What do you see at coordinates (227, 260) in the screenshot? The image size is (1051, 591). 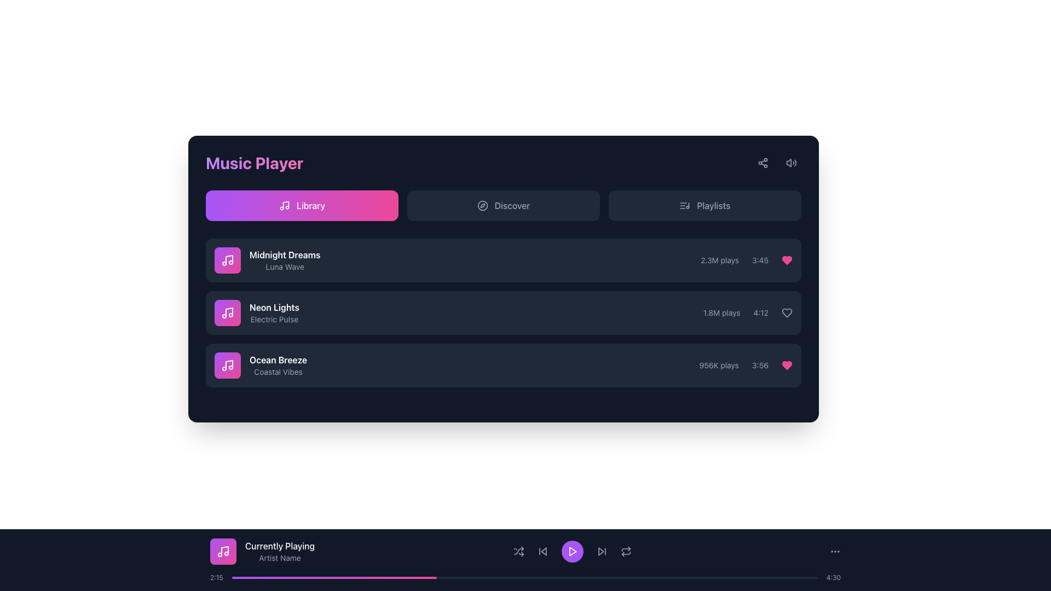 I see `the SVG music note icon with a gradient background, located in the top-left section of the music player interface` at bounding box center [227, 260].